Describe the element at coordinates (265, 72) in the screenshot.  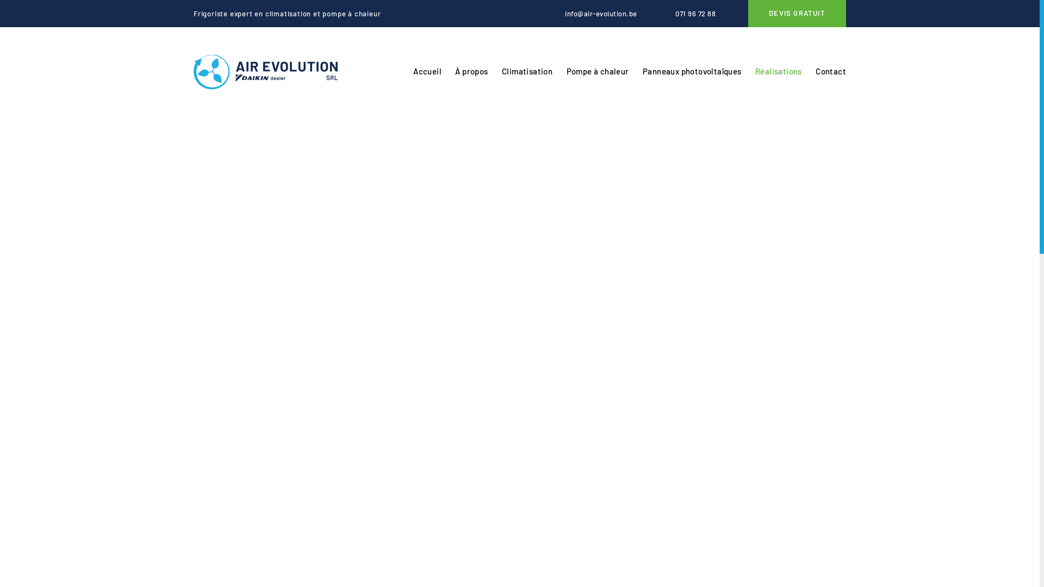
I see `'Air Evolution'` at that location.